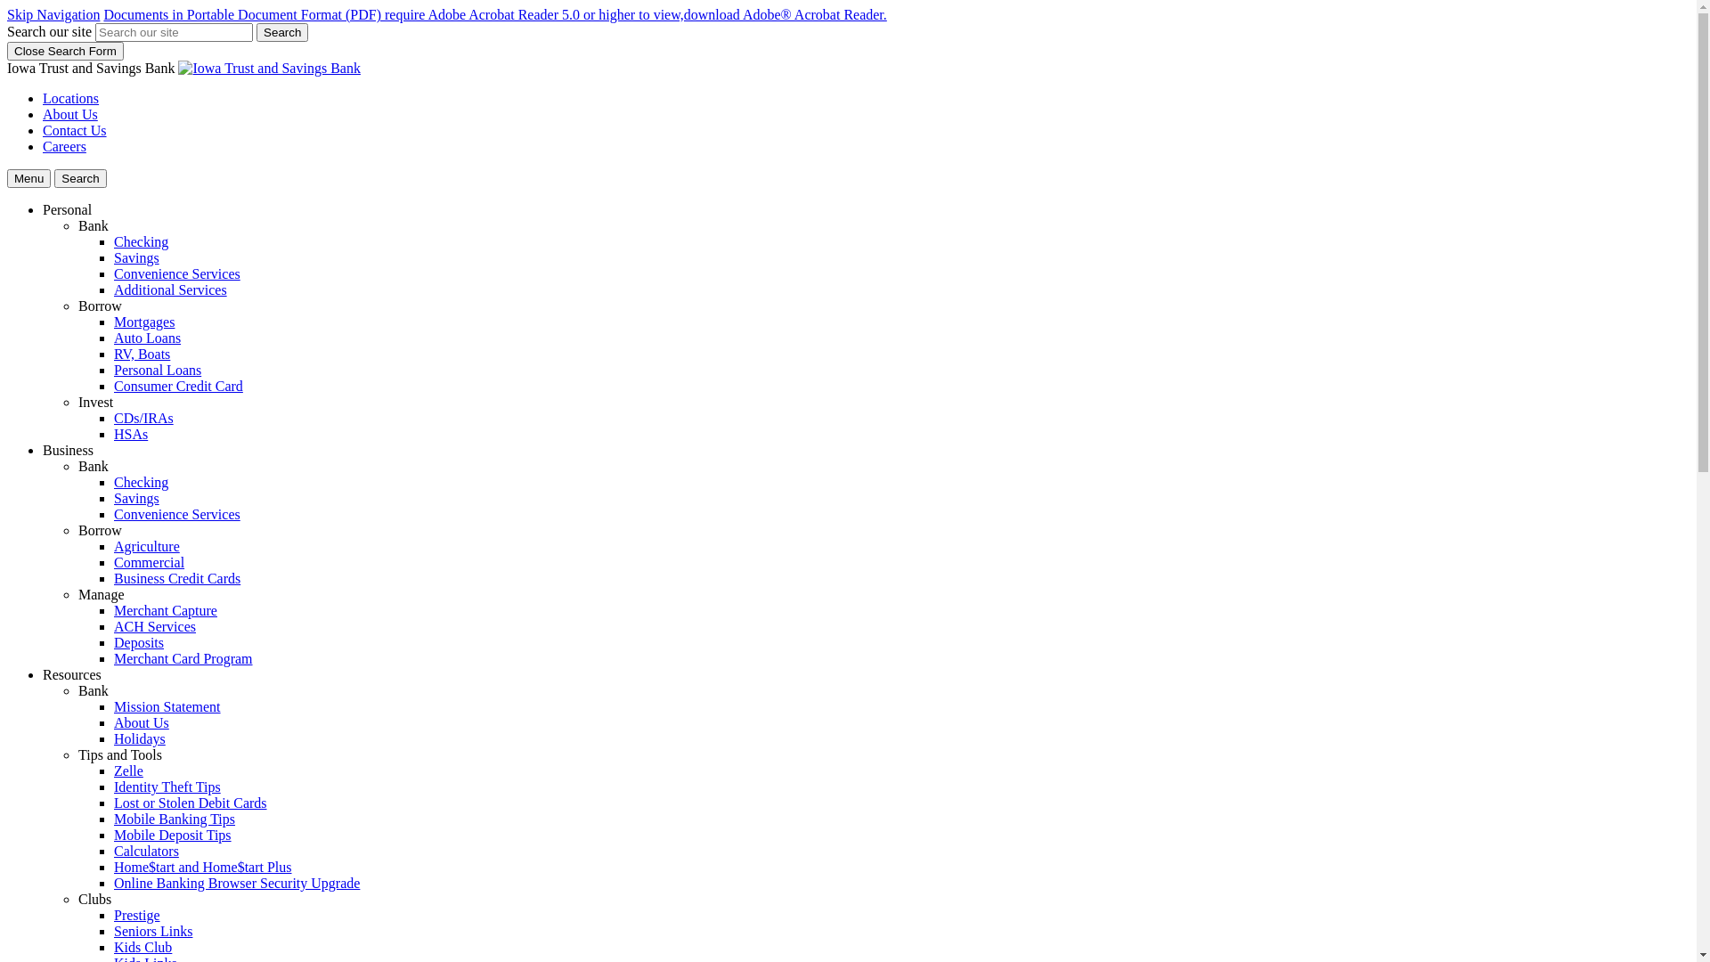 This screenshot has height=962, width=1710. I want to click on 'HSAs', so click(113, 434).